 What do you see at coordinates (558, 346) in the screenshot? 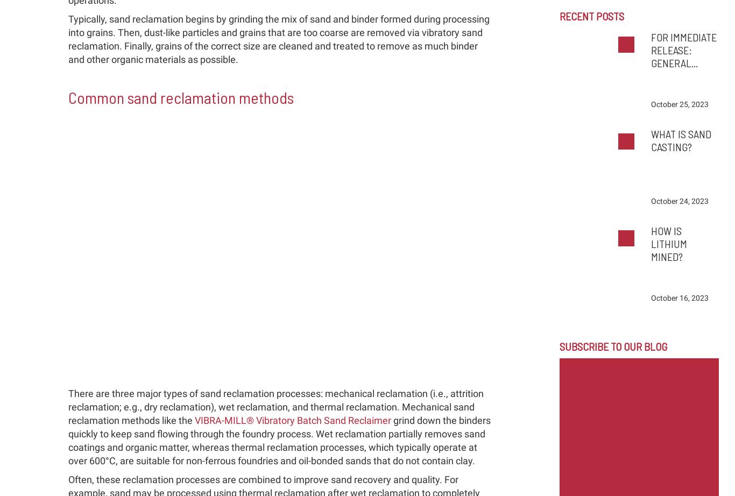
I see `'Subscribe to our blog'` at bounding box center [558, 346].